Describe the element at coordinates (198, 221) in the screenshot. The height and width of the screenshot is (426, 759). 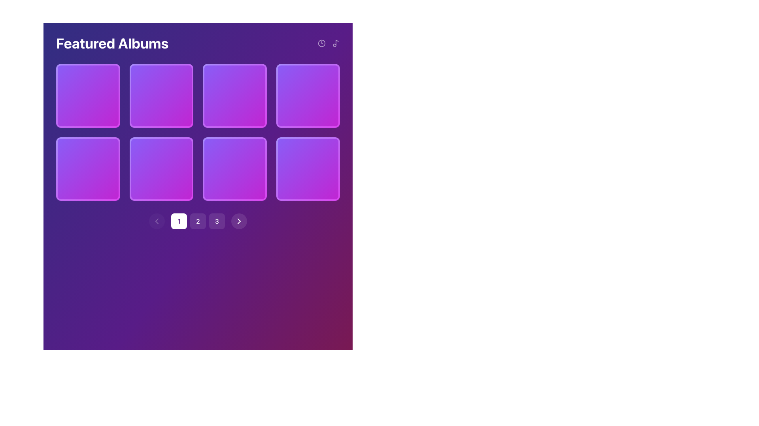
I see `the second button in a series of three buttons, which has a purple background and contains the white numeral '2'` at that location.